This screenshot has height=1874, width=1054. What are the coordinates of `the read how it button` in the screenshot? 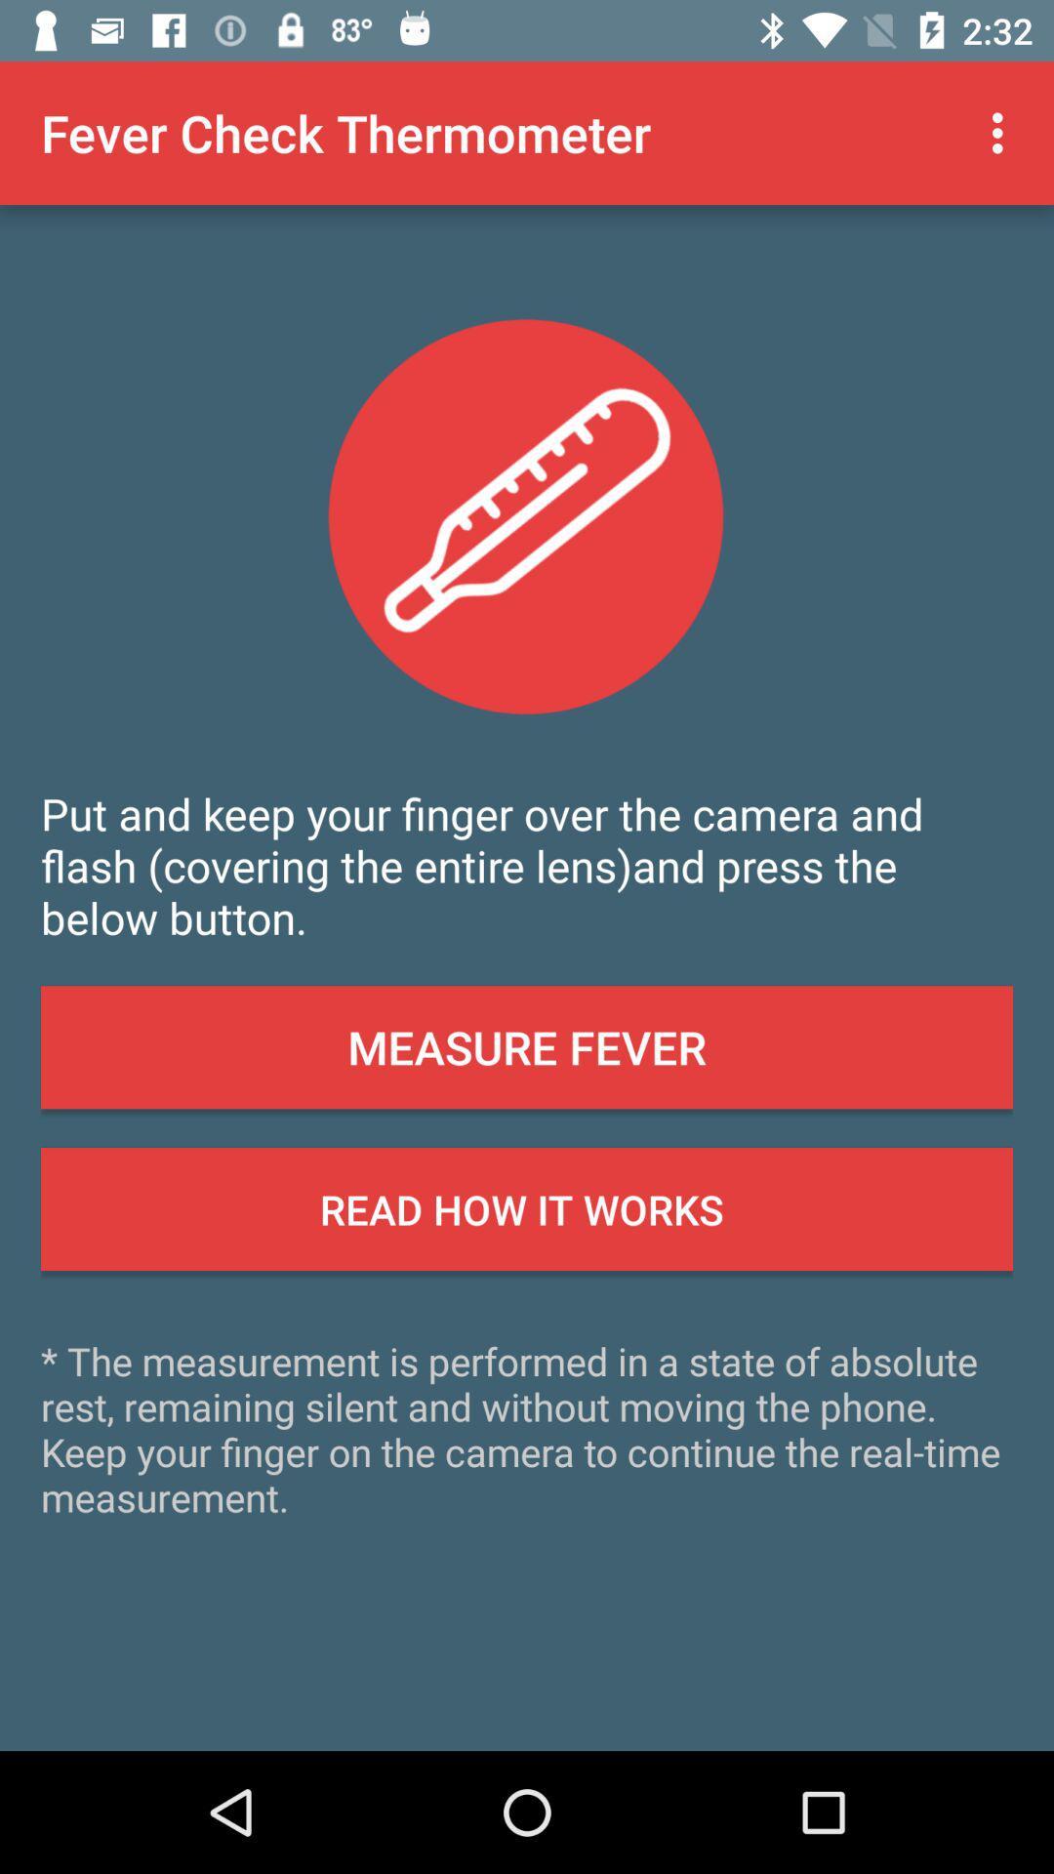 It's located at (527, 1207).